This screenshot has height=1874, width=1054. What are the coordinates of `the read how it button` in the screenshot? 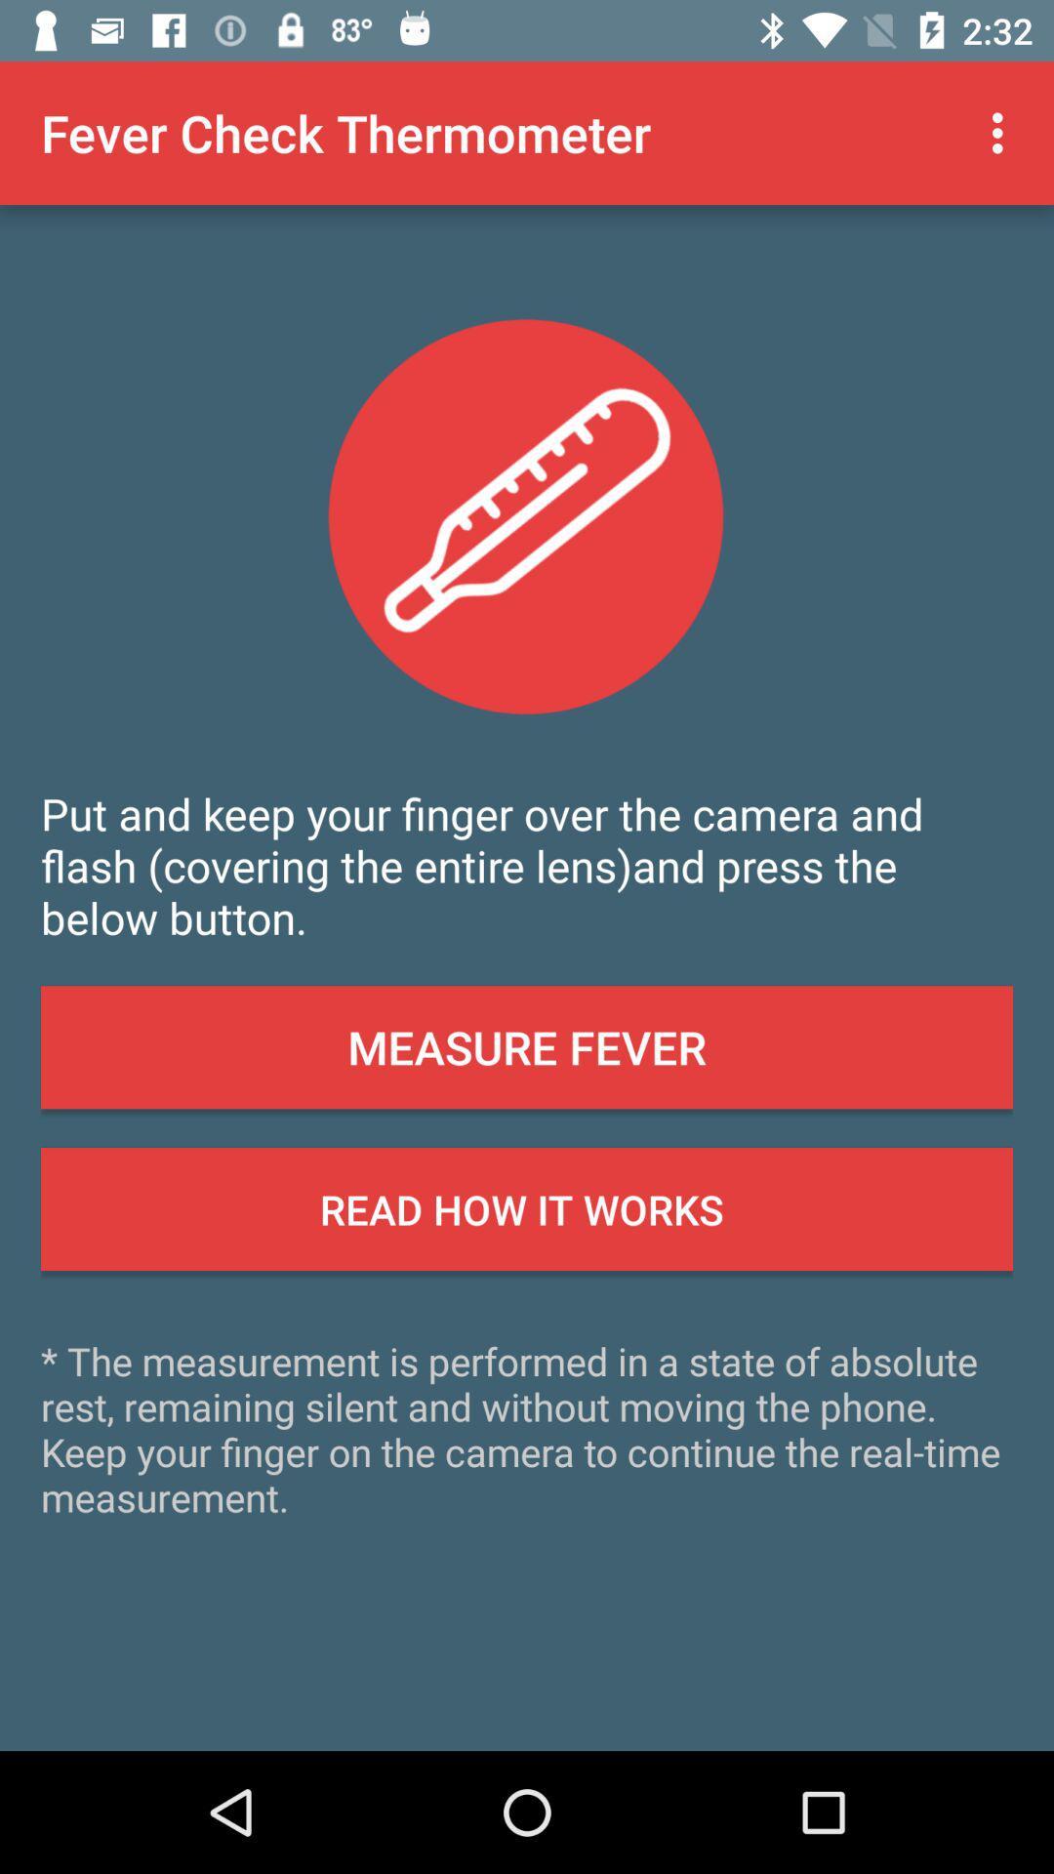 It's located at (527, 1207).